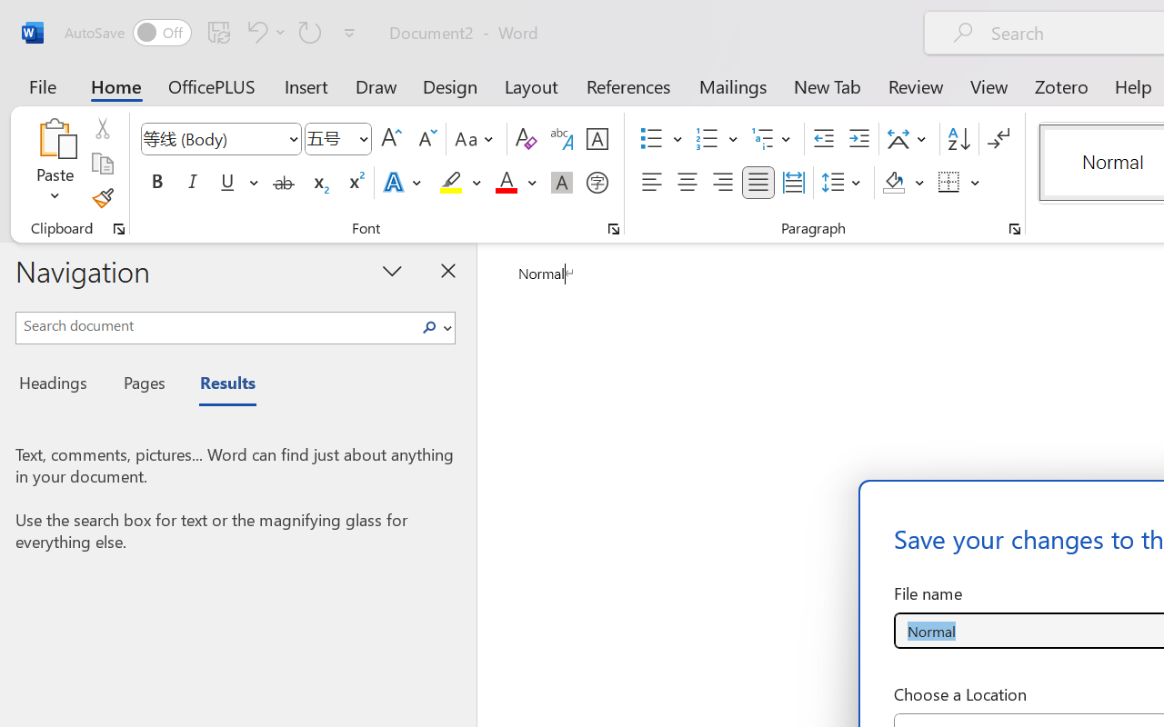 This screenshot has width=1164, height=727. Describe the element at coordinates (390, 139) in the screenshot. I see `'Grow Font'` at that location.